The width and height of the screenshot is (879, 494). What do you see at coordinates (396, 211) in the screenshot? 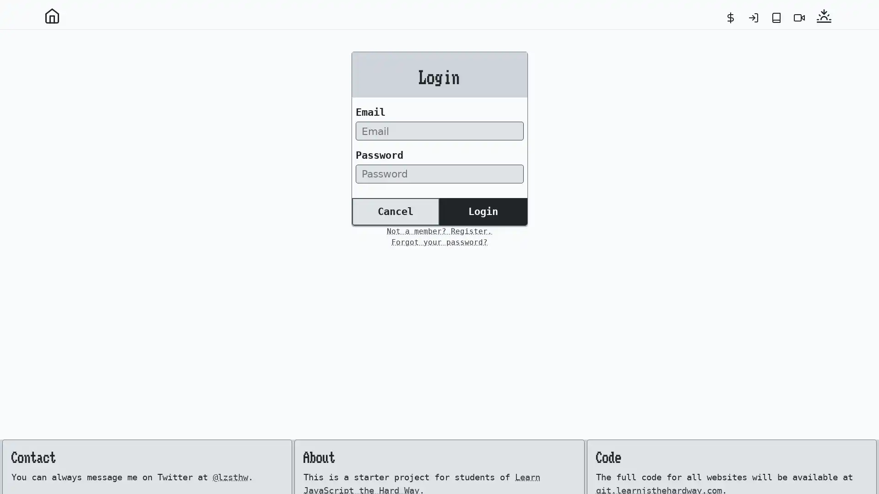
I see `Cancel` at bounding box center [396, 211].